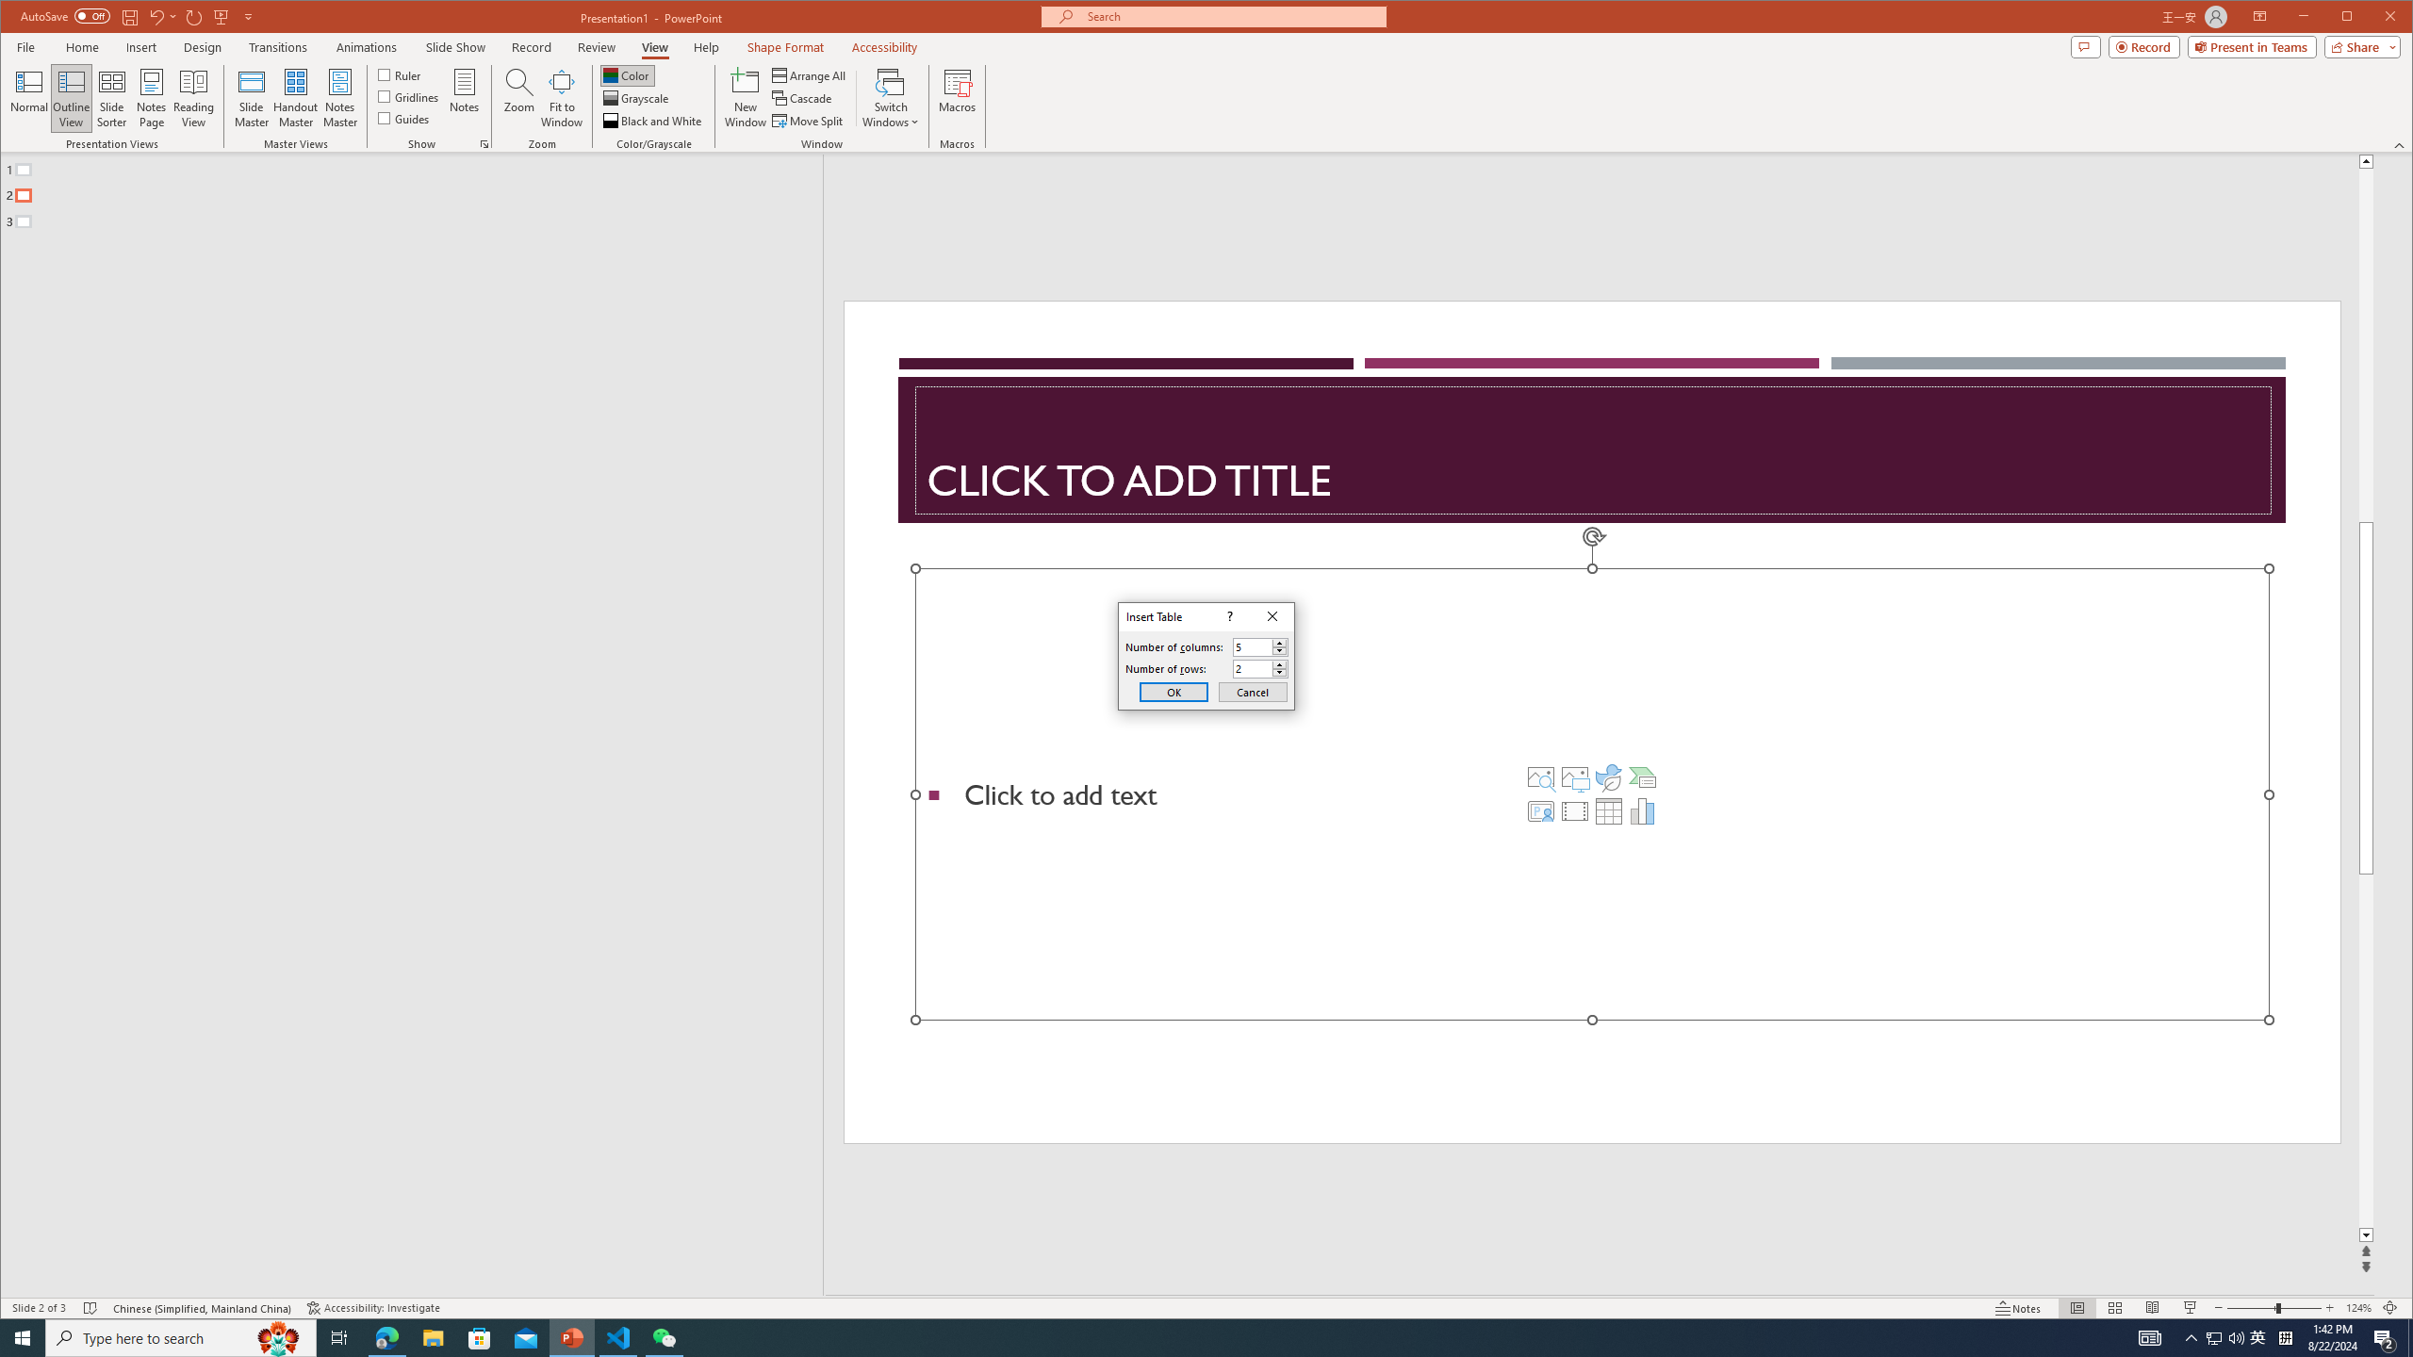 The width and height of the screenshot is (2413, 1357). I want to click on 'Stock Images', so click(1540, 777).